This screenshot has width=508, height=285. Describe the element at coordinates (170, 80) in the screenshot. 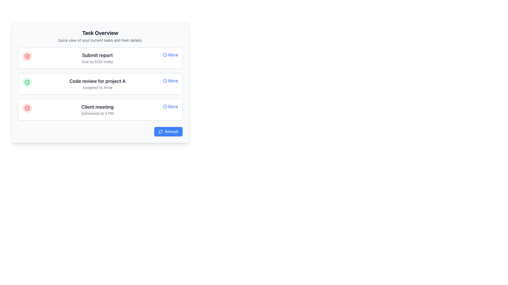

I see `the interactive text link labeled 'More' with an information icon for accessibility navigation` at that location.